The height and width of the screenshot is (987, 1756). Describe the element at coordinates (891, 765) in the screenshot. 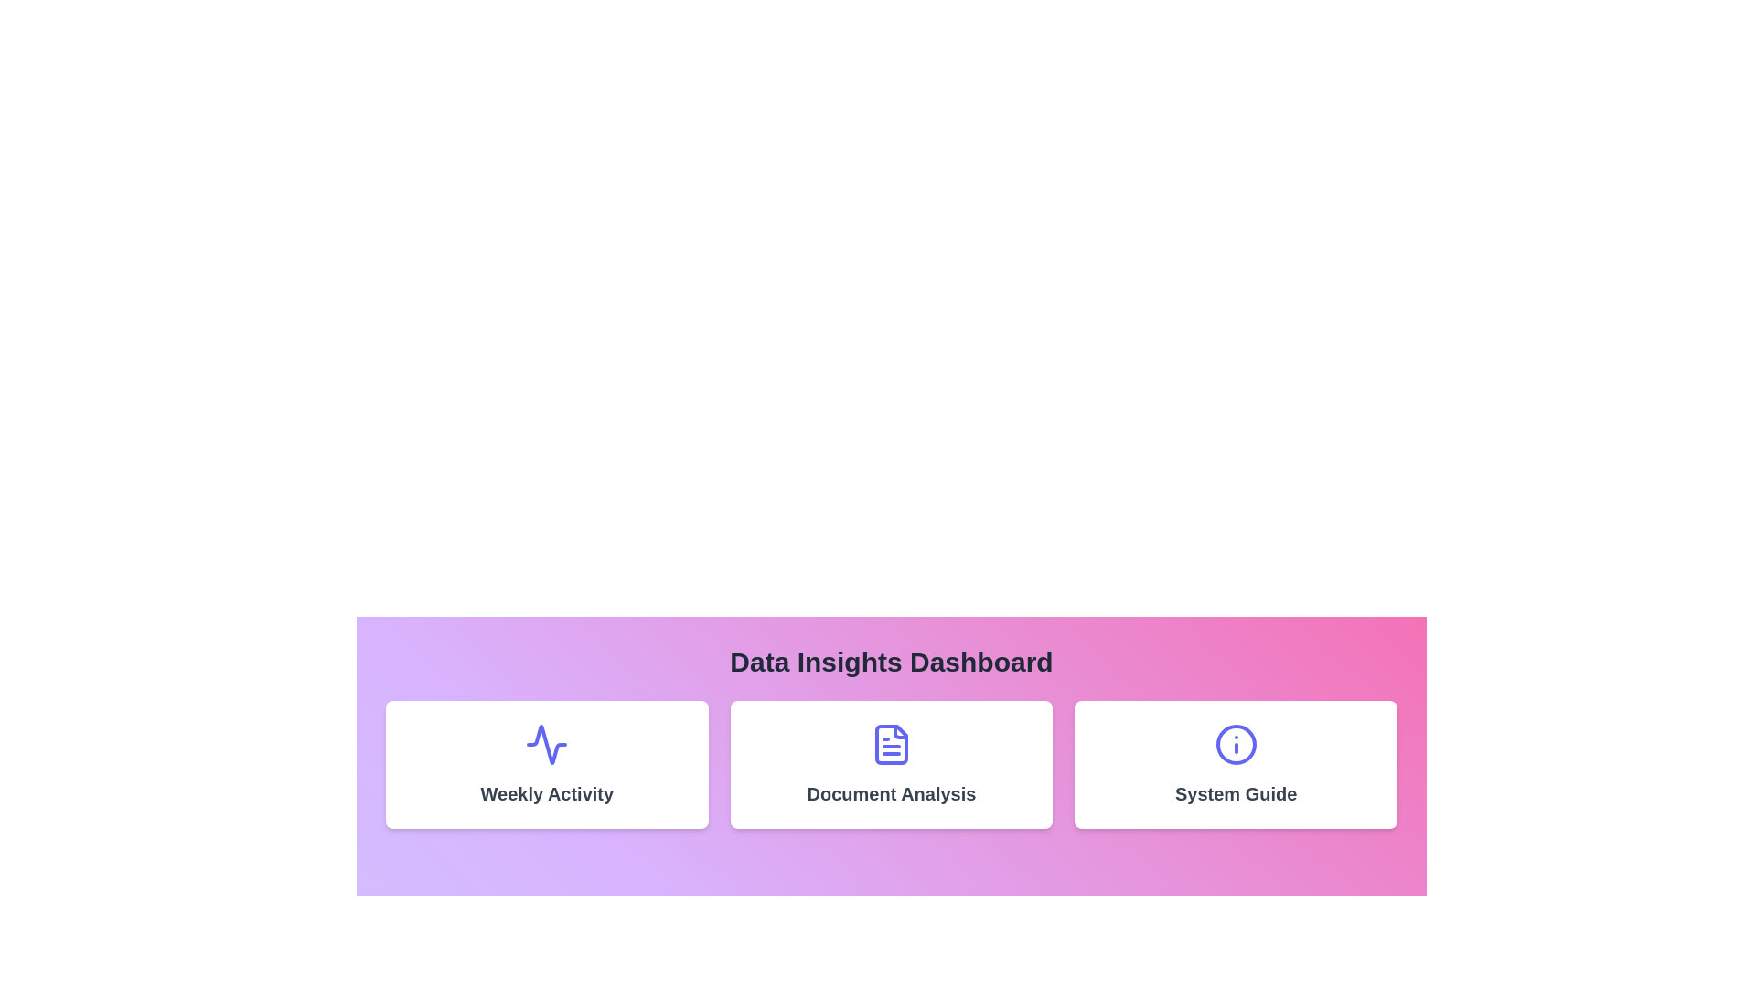

I see `the 'Document Analysis' interactive card using keyboard navigation for accessibility` at that location.